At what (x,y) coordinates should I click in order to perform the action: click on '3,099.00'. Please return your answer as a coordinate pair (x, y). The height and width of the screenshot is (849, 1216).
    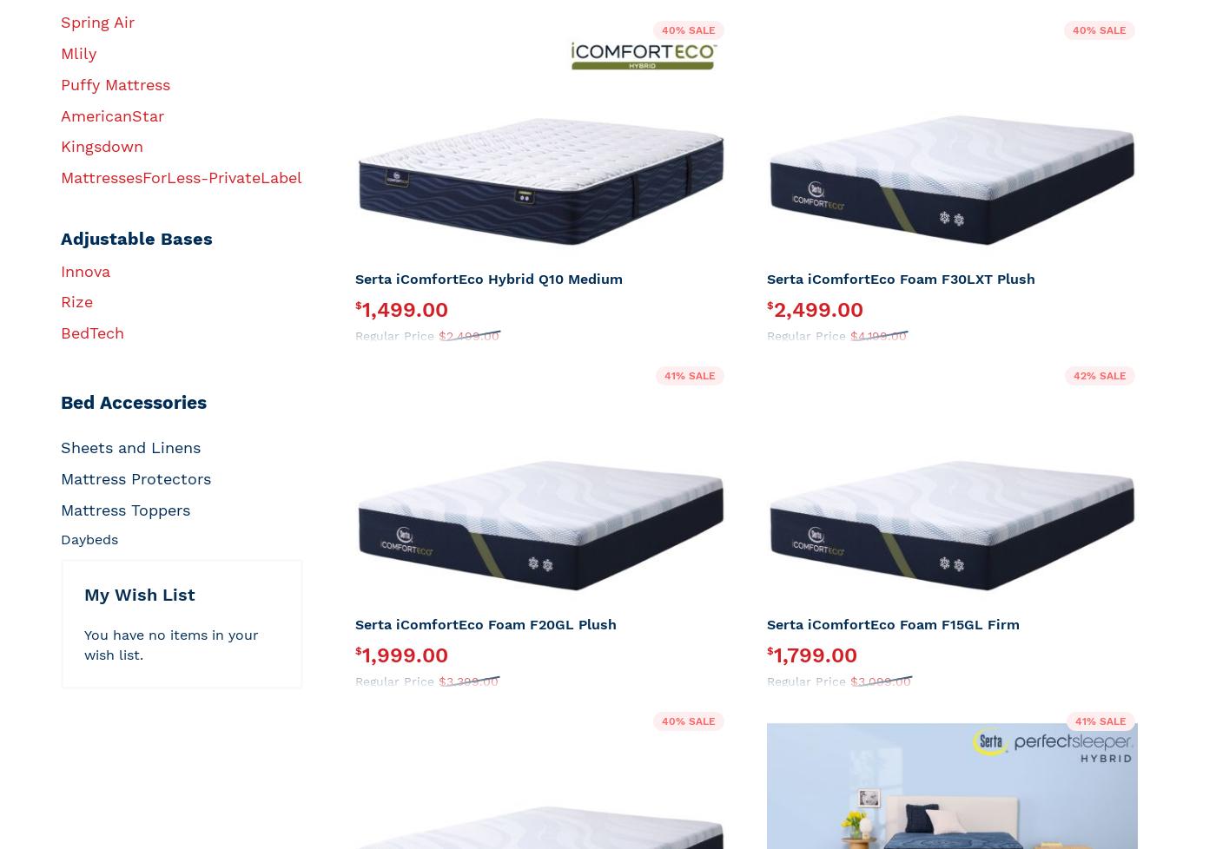
    Looking at the image, I should click on (883, 679).